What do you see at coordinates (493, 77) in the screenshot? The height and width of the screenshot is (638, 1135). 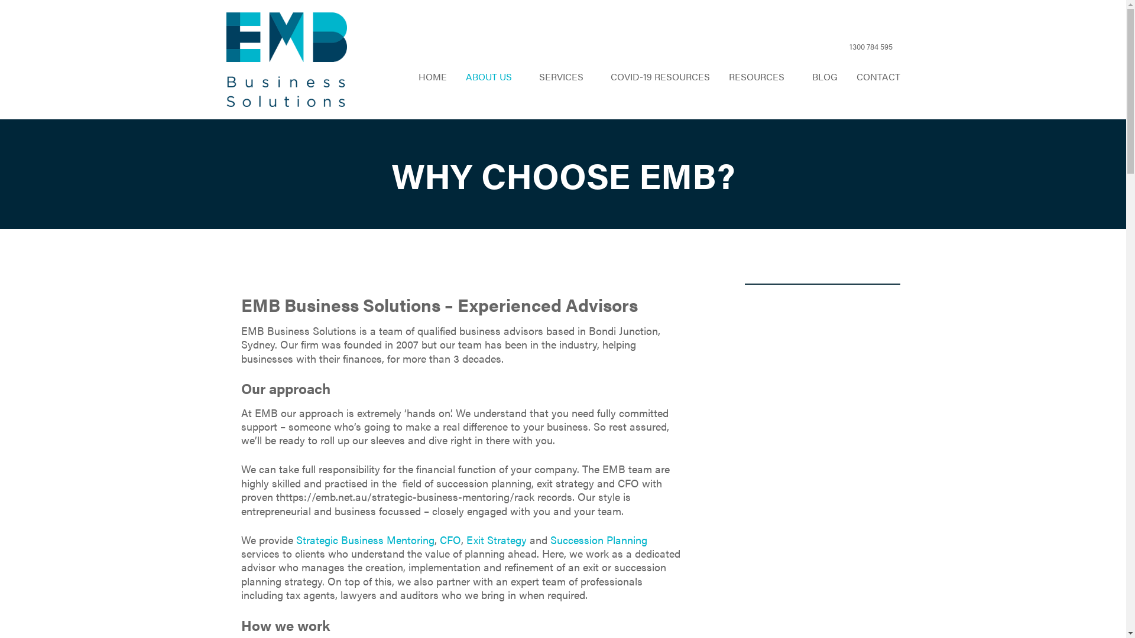 I see `'ABOUT US '` at bounding box center [493, 77].